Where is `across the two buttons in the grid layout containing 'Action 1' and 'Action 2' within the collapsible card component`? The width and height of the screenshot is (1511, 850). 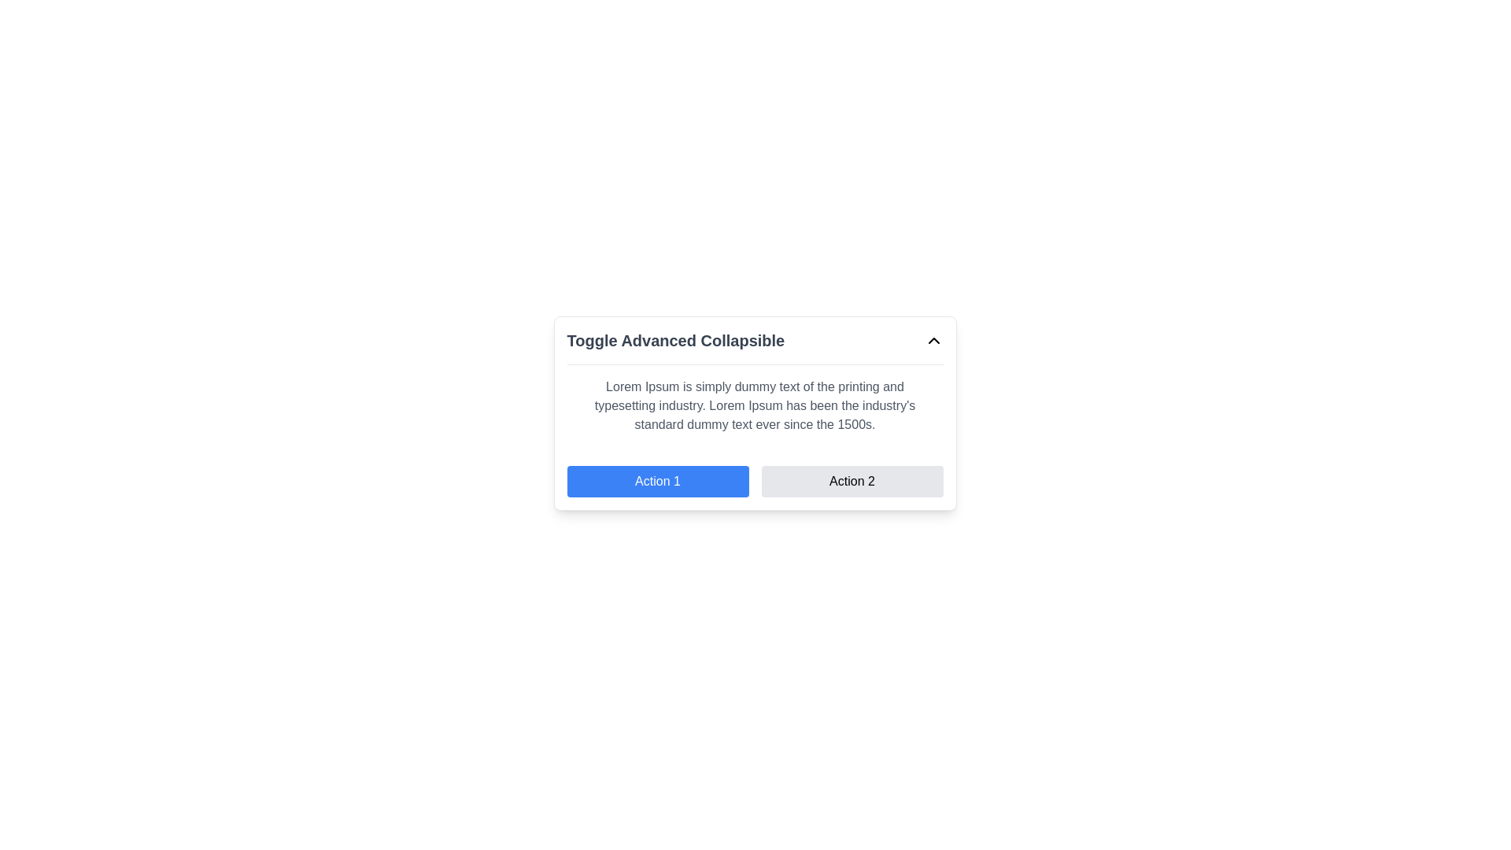 across the two buttons in the grid layout containing 'Action 1' and 'Action 2' within the collapsible card component is located at coordinates (754, 481).